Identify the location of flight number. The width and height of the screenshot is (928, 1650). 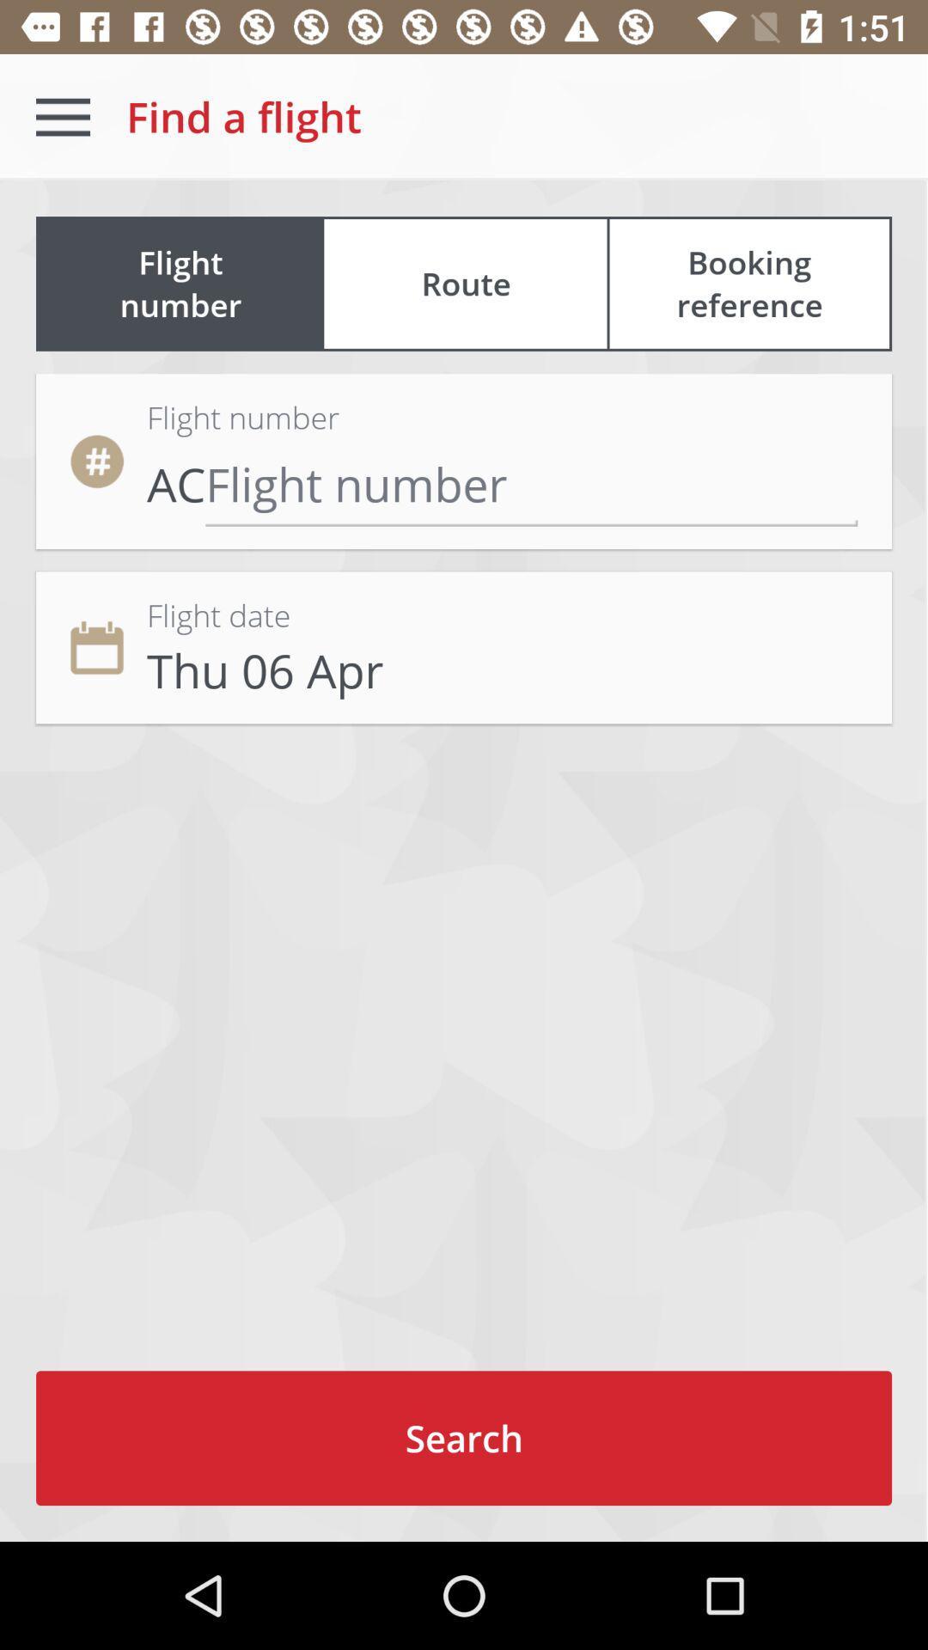
(530, 483).